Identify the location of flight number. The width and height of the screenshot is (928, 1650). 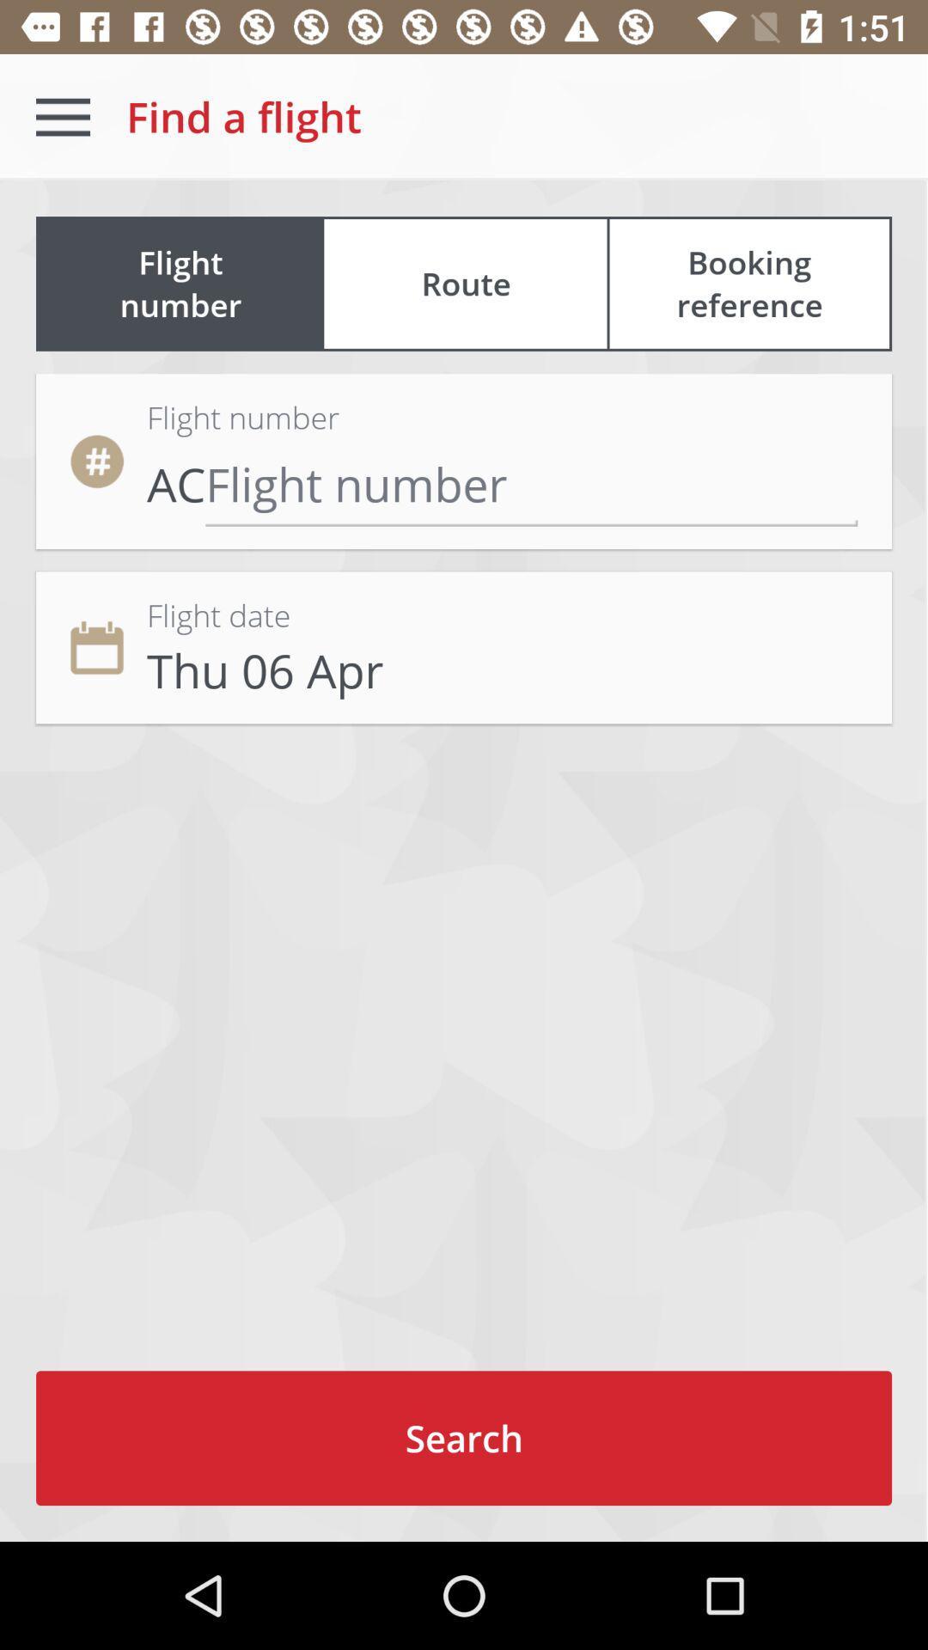
(530, 483).